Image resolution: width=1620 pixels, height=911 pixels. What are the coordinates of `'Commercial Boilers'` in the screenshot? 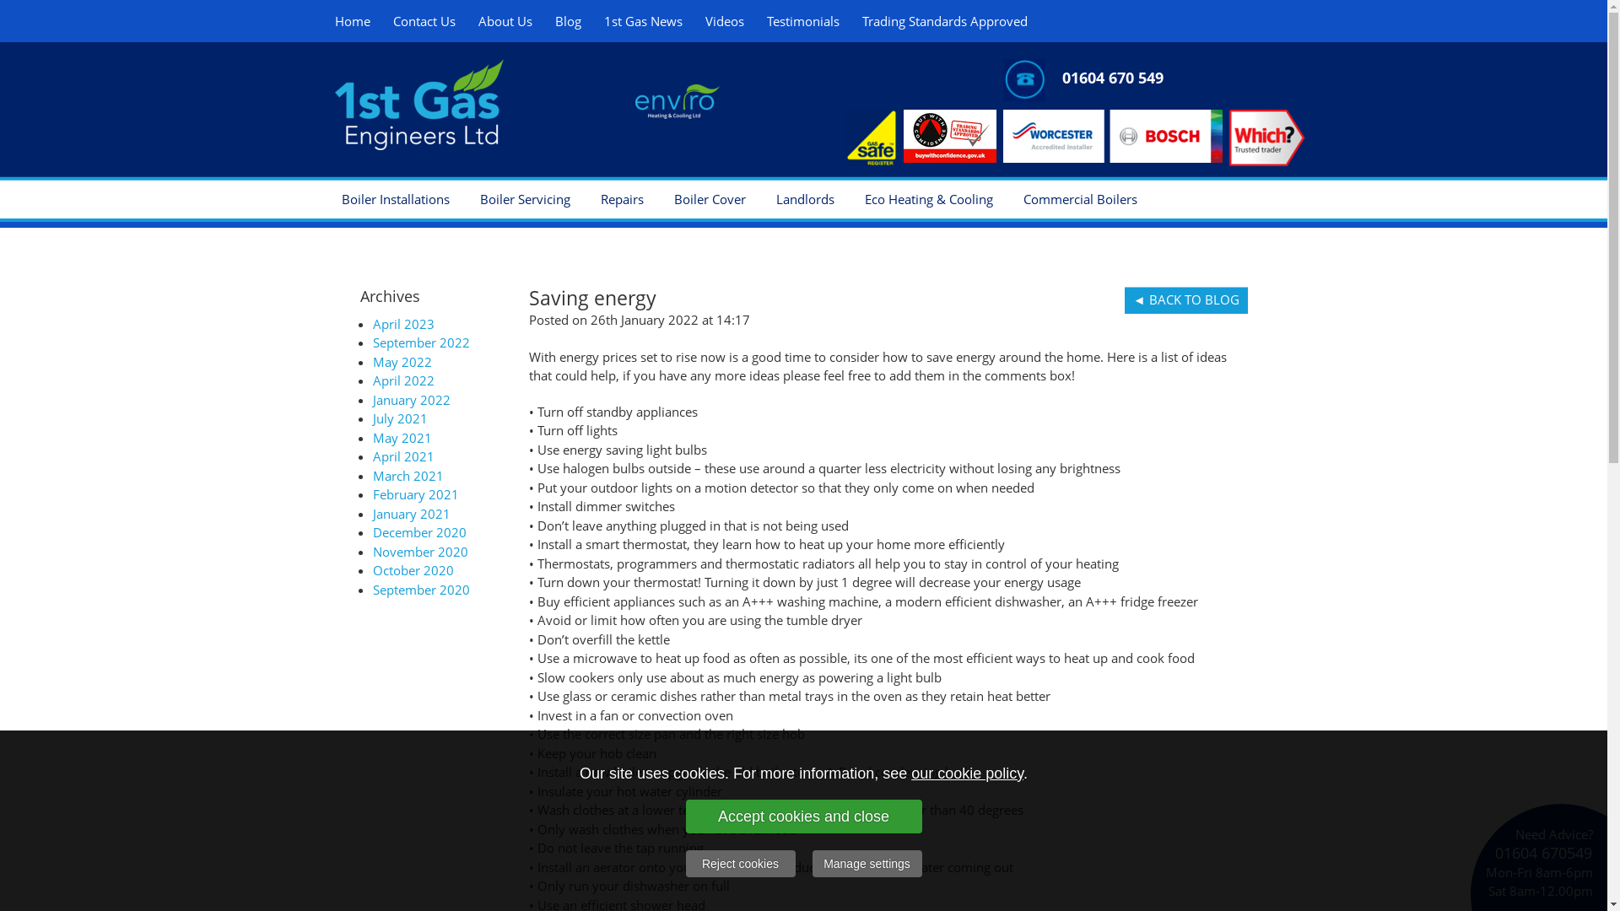 It's located at (1078, 197).